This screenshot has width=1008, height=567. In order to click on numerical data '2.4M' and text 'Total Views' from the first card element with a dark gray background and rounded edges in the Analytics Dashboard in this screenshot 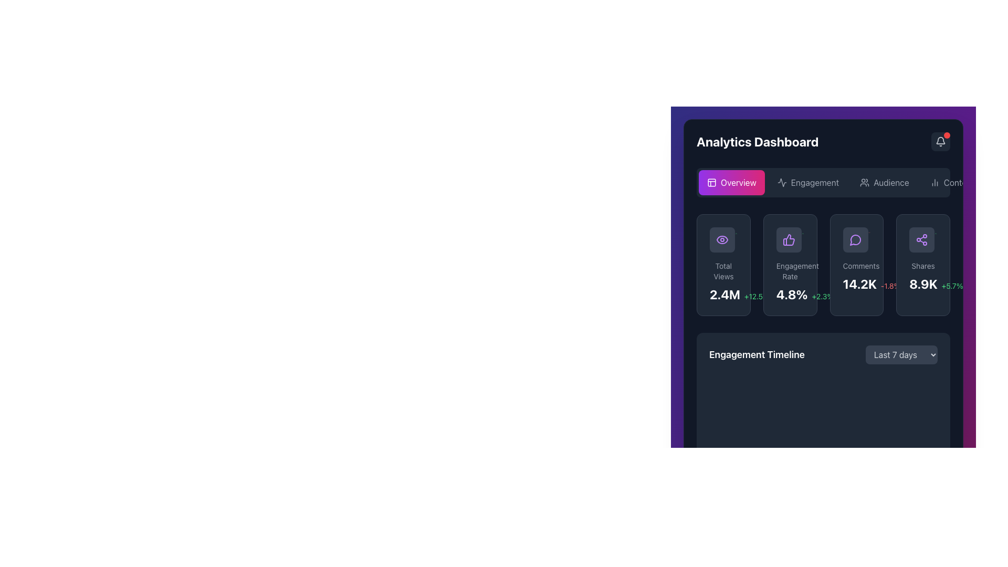, I will do `click(723, 265)`.